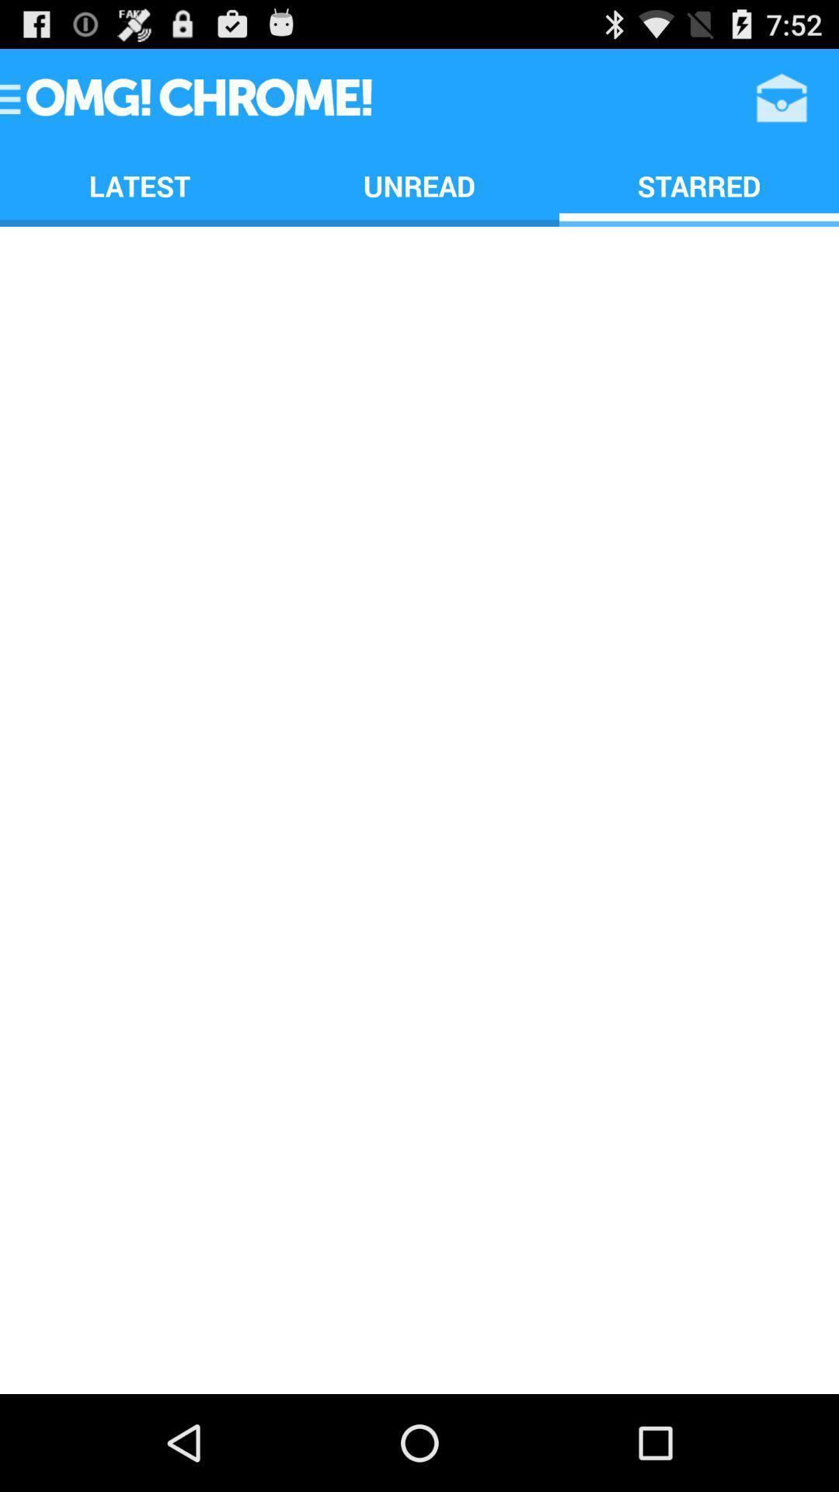 Image resolution: width=839 pixels, height=1492 pixels. Describe the element at coordinates (140, 186) in the screenshot. I see `the item next to the unread app` at that location.